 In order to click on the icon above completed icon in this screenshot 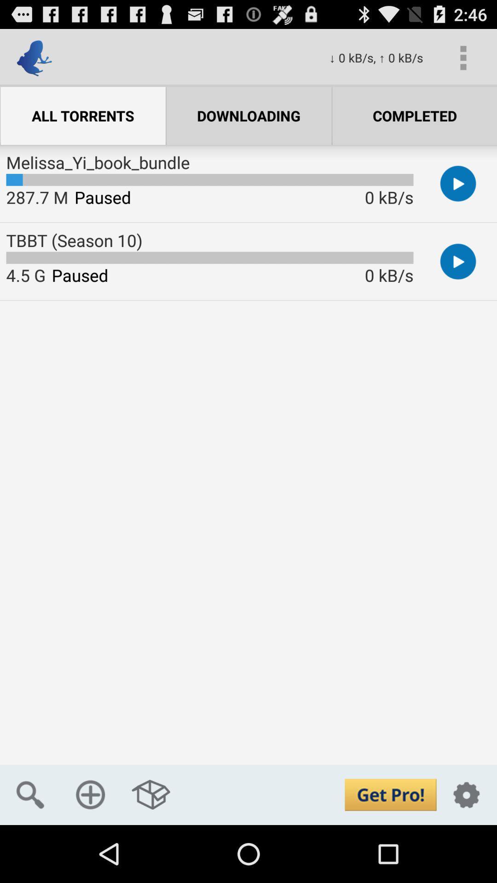, I will do `click(463, 57)`.